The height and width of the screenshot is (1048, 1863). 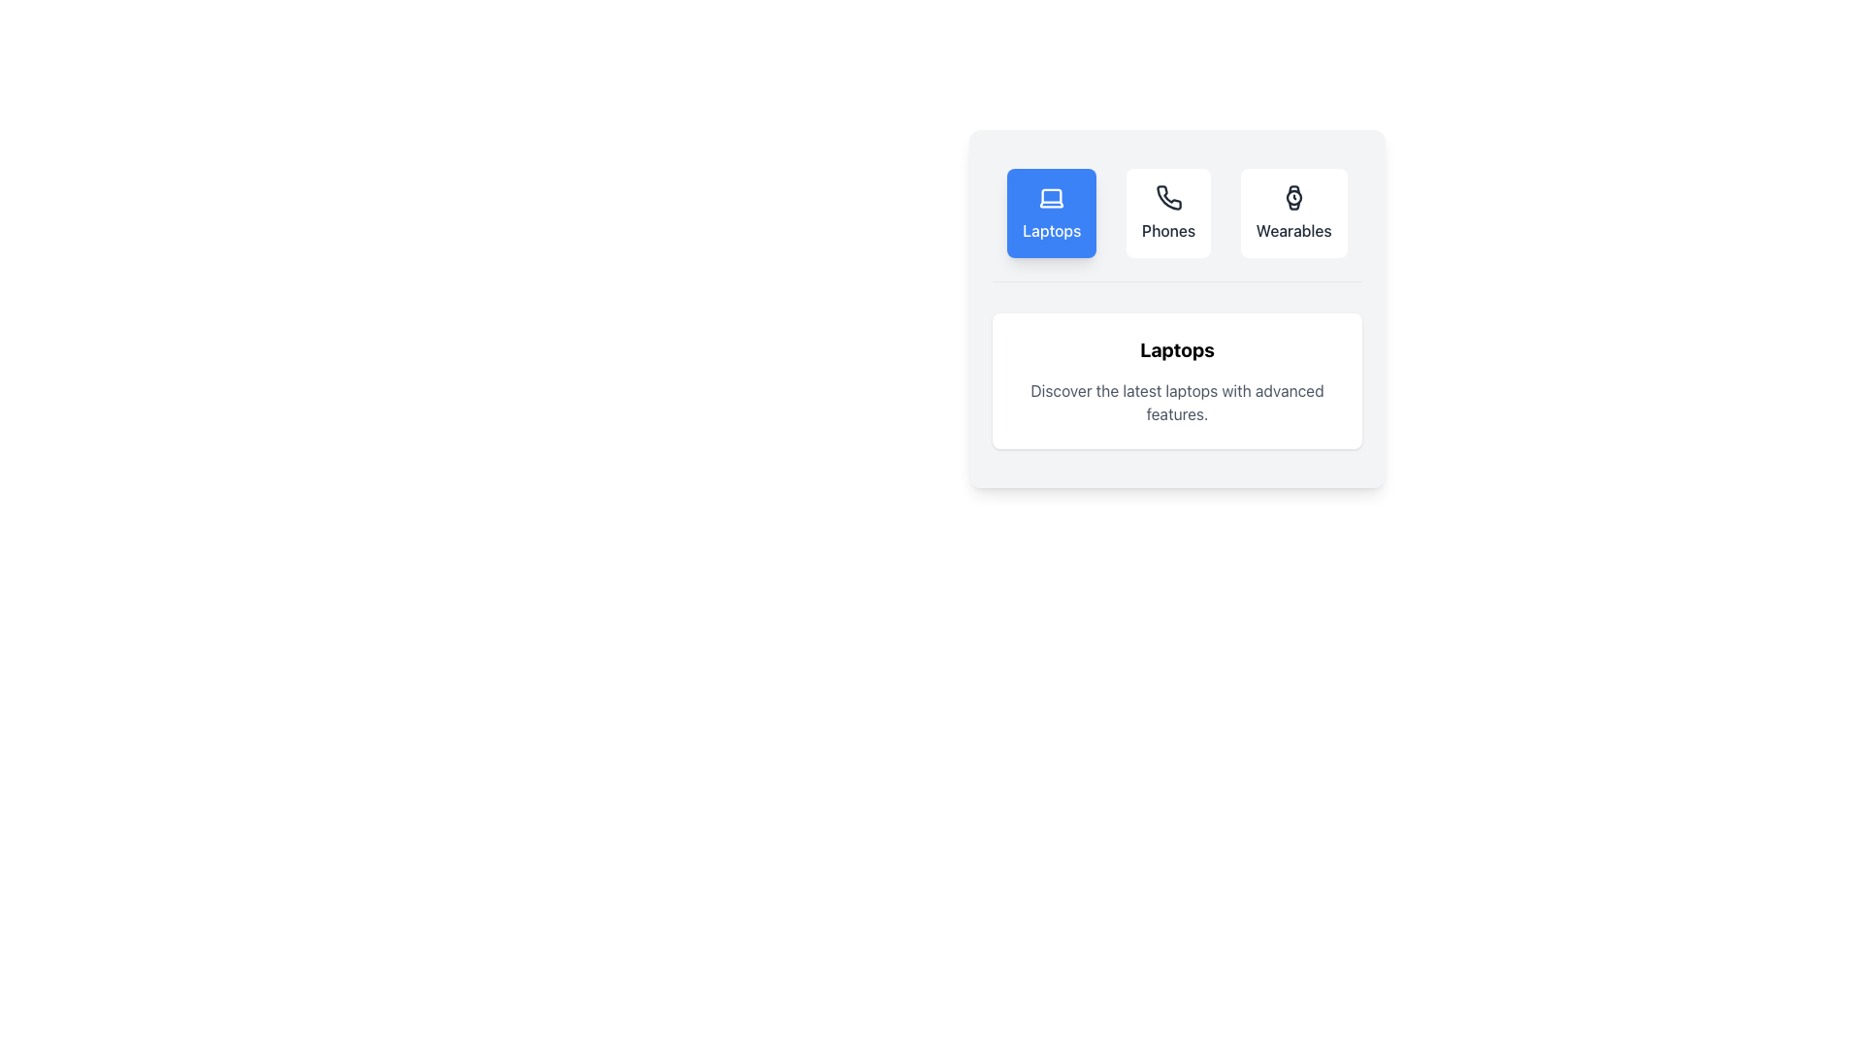 I want to click on the 'Wearables' button which is a rounded rectangular button with a white background and a smartwatch icon above the text, to select it, so click(x=1293, y=213).